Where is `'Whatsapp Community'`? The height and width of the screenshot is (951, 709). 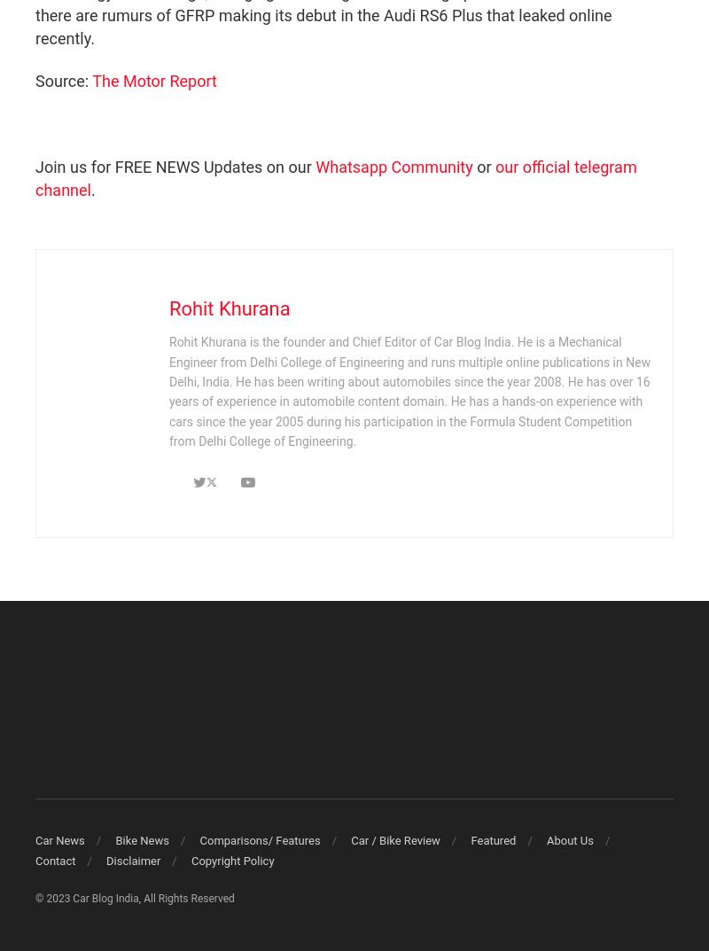 'Whatsapp Community' is located at coordinates (393, 167).